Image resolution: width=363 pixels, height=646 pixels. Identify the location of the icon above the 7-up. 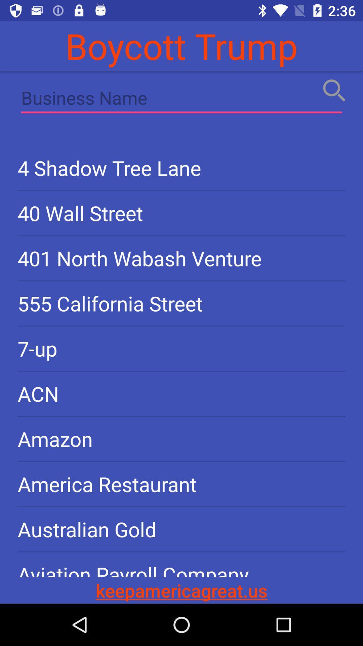
(182, 303).